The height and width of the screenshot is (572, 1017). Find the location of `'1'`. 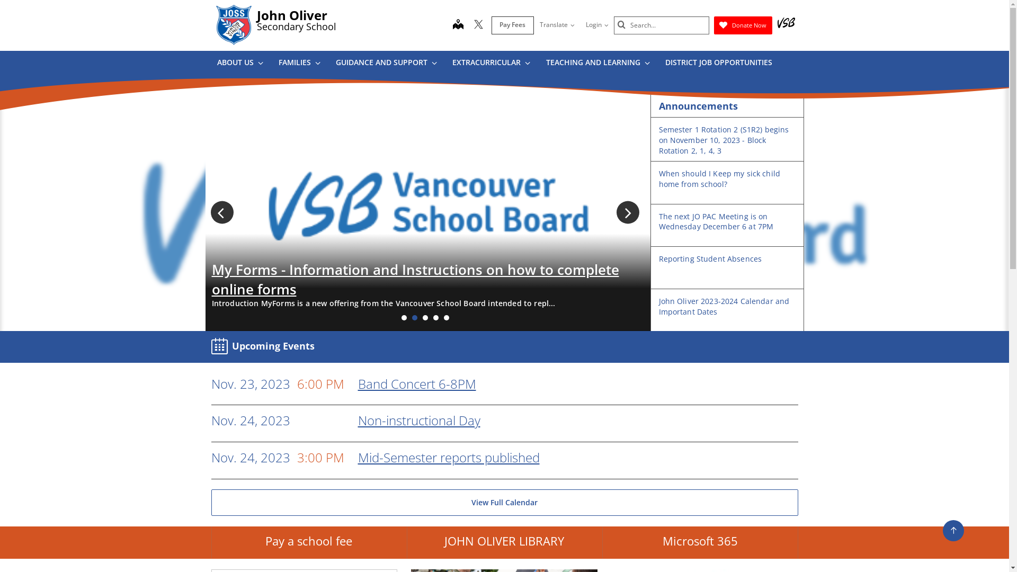

'1' is located at coordinates (401, 317).